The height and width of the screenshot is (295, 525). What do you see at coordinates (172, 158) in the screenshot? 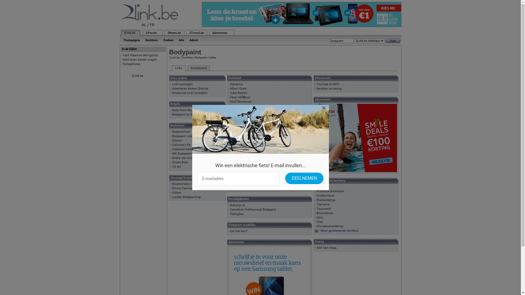
I see `'Mieke van Gompel'` at bounding box center [172, 158].